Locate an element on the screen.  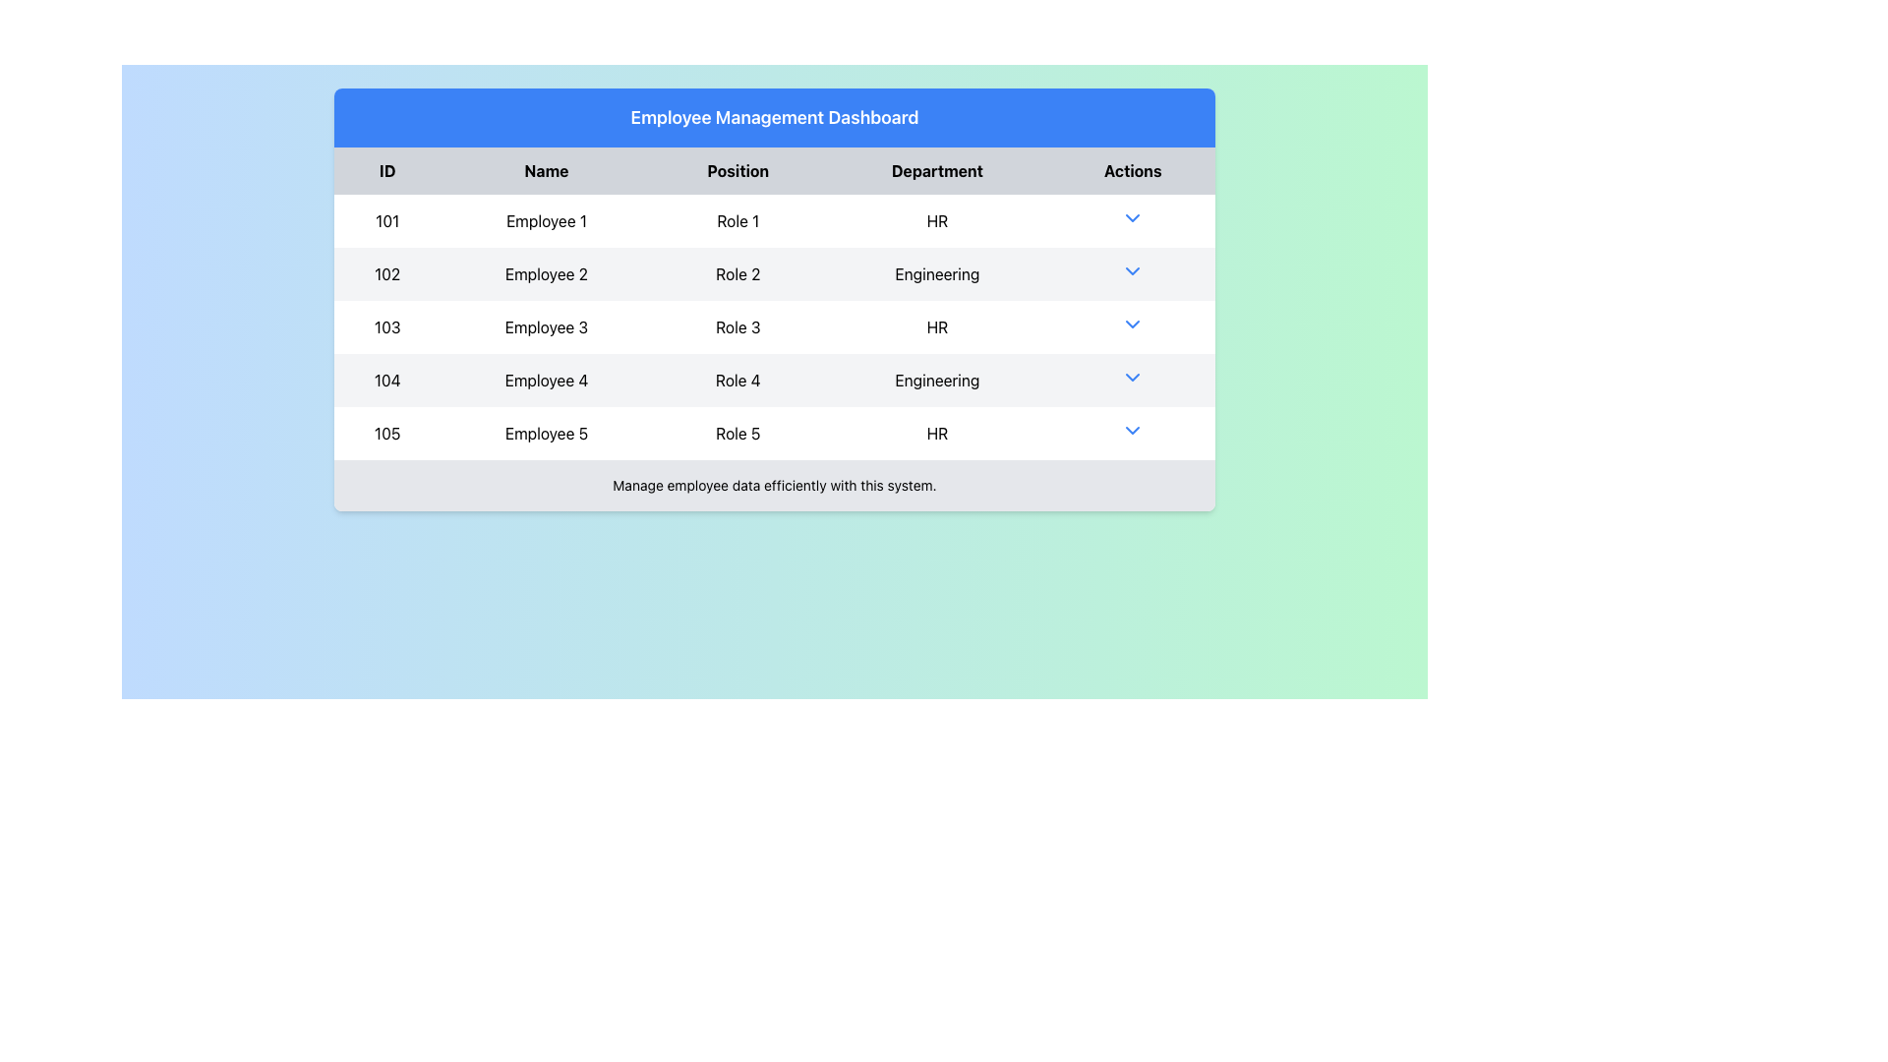
Text label displaying the unique identifier in the first column of the fourth row under the 'ID' header is located at coordinates (387, 380).